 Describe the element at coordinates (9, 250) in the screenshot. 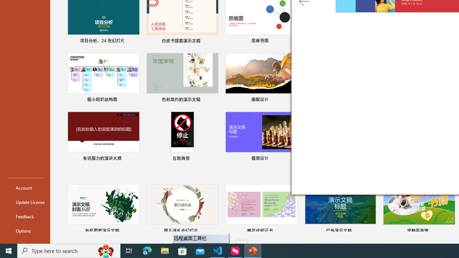

I see `'Start'` at that location.